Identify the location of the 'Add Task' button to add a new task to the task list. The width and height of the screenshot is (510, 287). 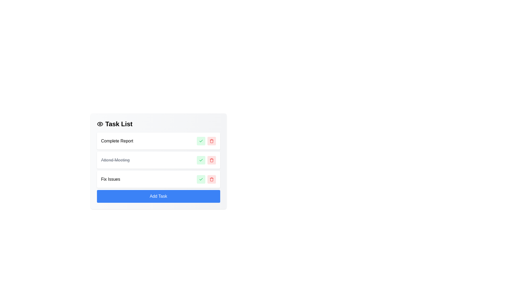
(158, 196).